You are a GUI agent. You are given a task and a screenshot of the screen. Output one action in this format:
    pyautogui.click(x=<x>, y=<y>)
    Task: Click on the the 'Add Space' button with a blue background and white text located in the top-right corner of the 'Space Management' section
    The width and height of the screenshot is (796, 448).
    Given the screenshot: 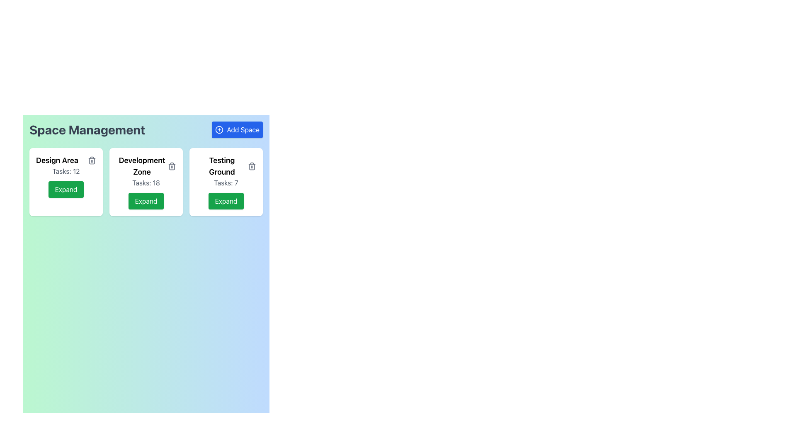 What is the action you would take?
    pyautogui.click(x=237, y=129)
    